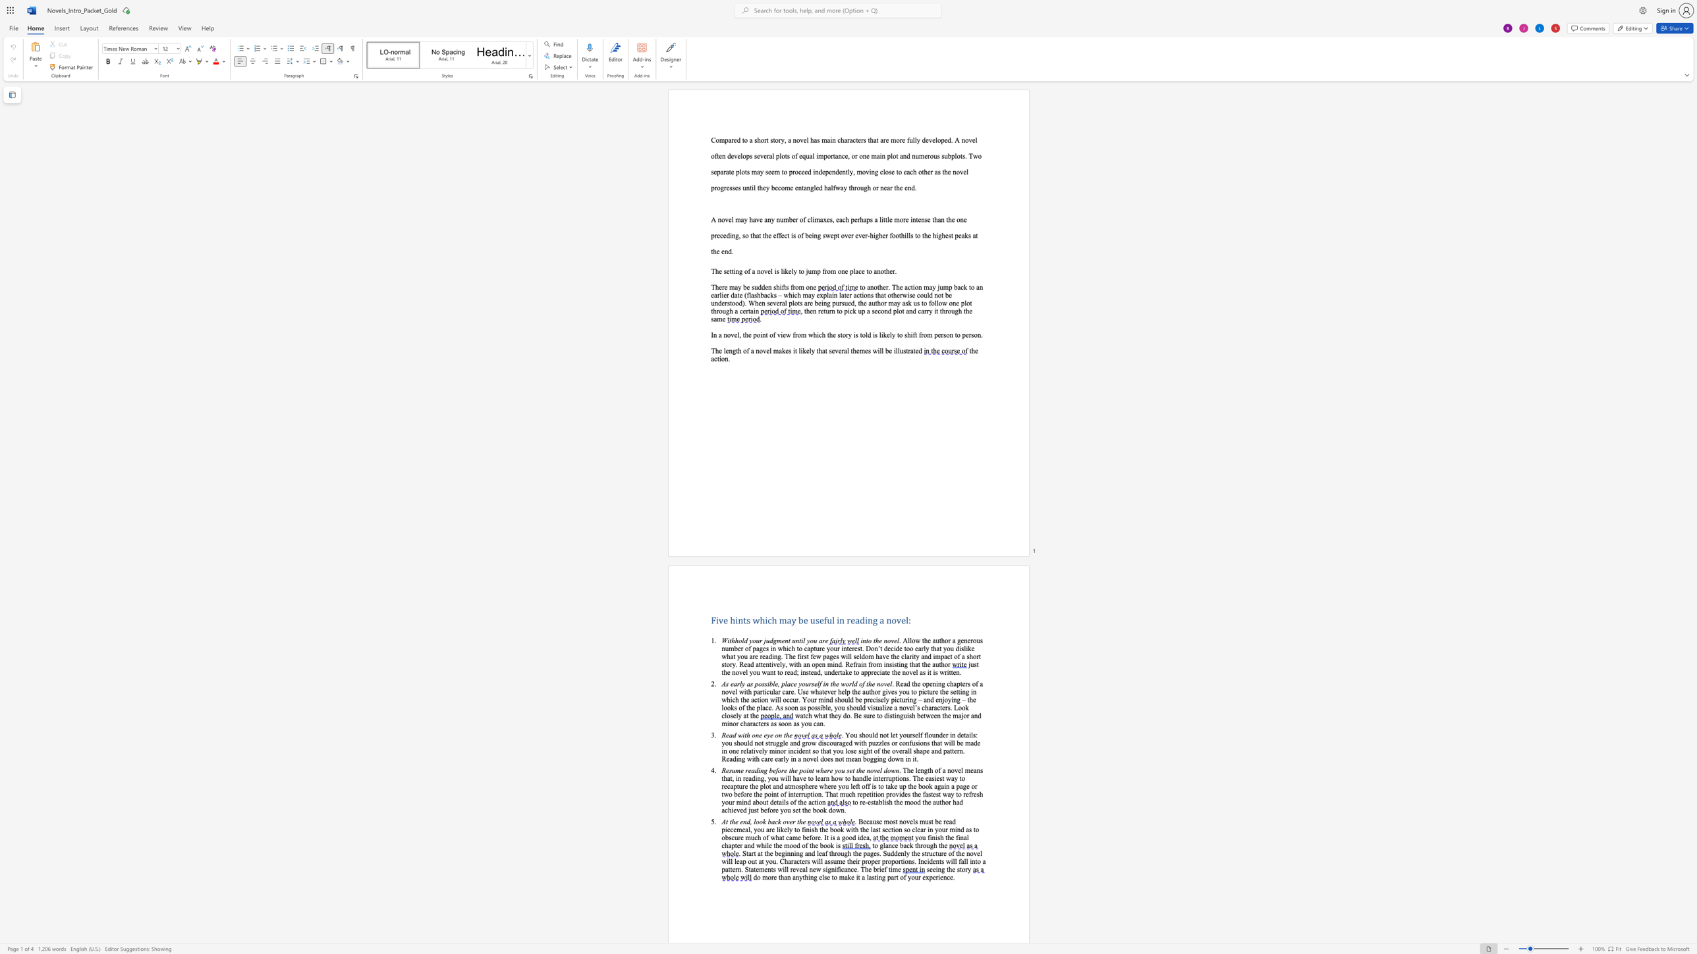 Image resolution: width=1697 pixels, height=954 pixels. Describe the element at coordinates (949, 640) in the screenshot. I see `the 1th character "r" in the text` at that location.